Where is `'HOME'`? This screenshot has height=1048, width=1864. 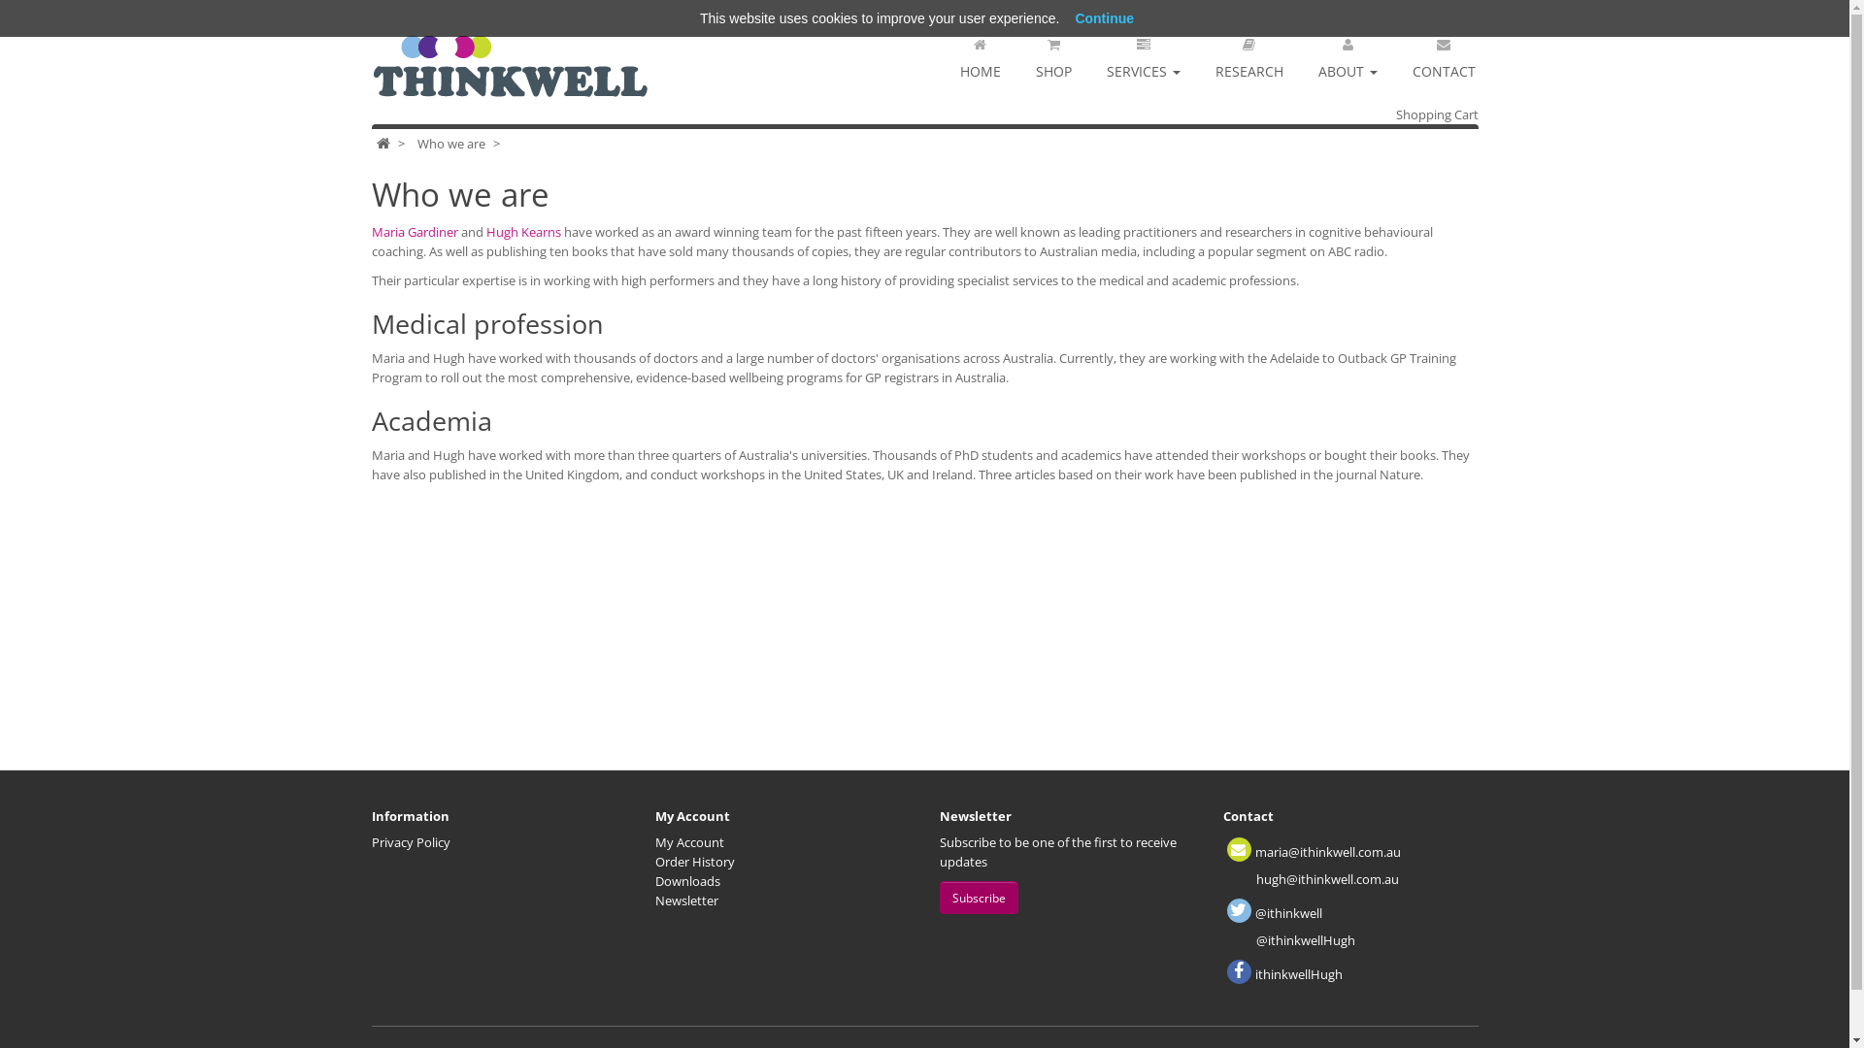 'HOME' is located at coordinates (979, 51).